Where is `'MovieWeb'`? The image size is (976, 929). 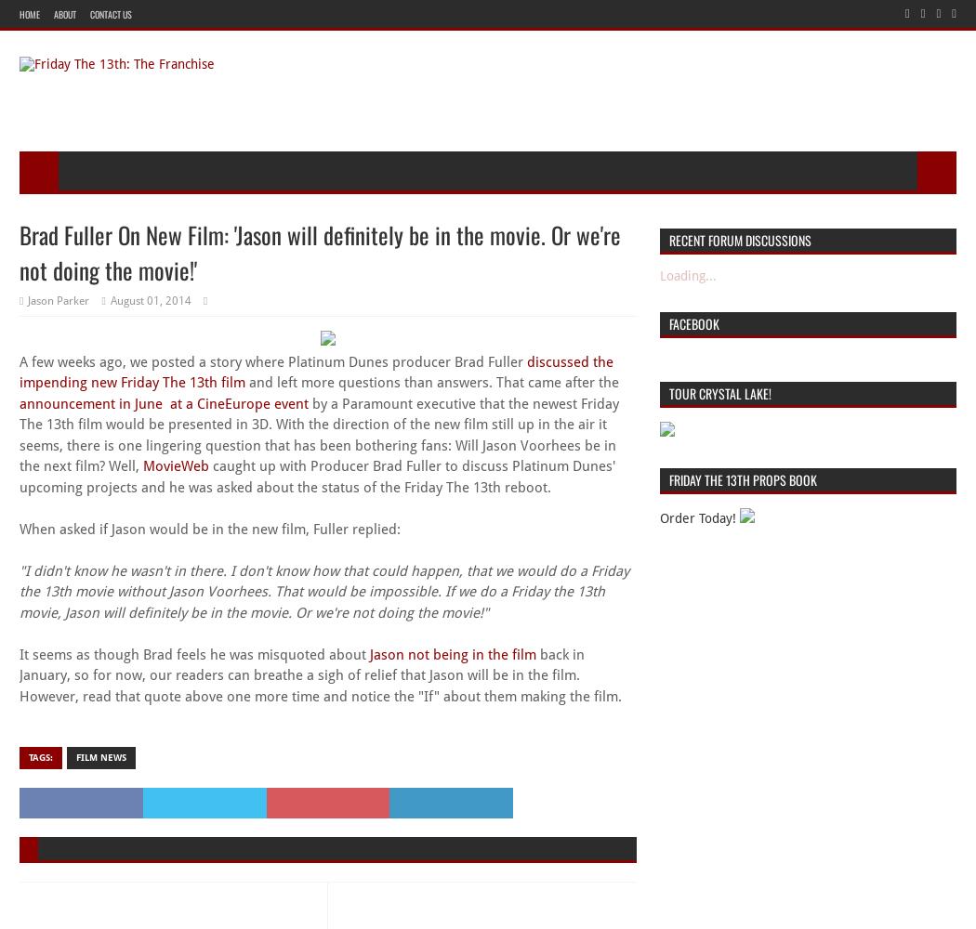
'MovieWeb' is located at coordinates (143, 466).